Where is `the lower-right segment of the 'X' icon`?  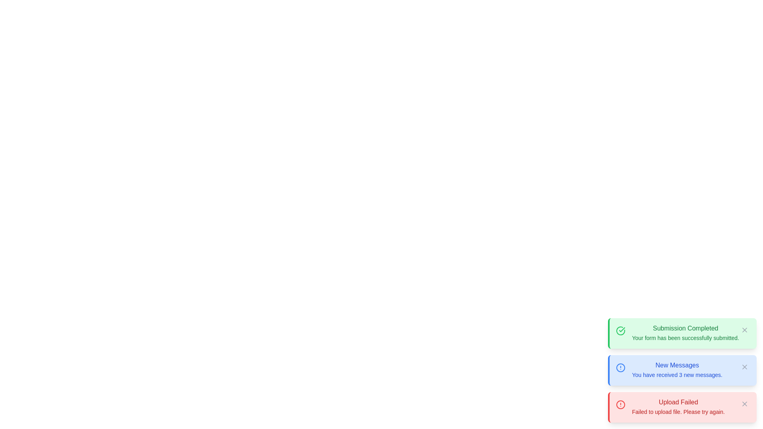
the lower-right segment of the 'X' icon is located at coordinates (744, 367).